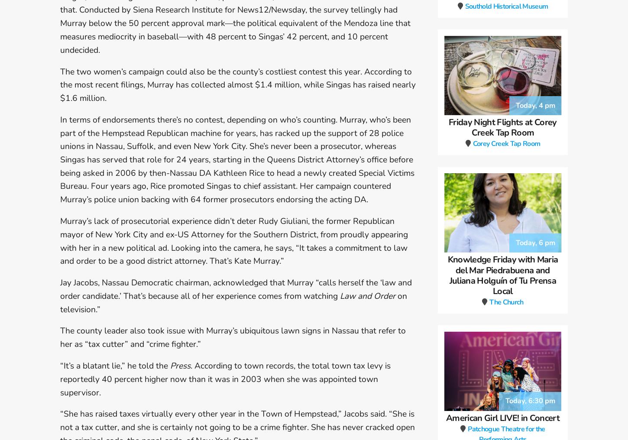 This screenshot has width=628, height=440. Describe the element at coordinates (367, 295) in the screenshot. I see `'Law and Order'` at that location.